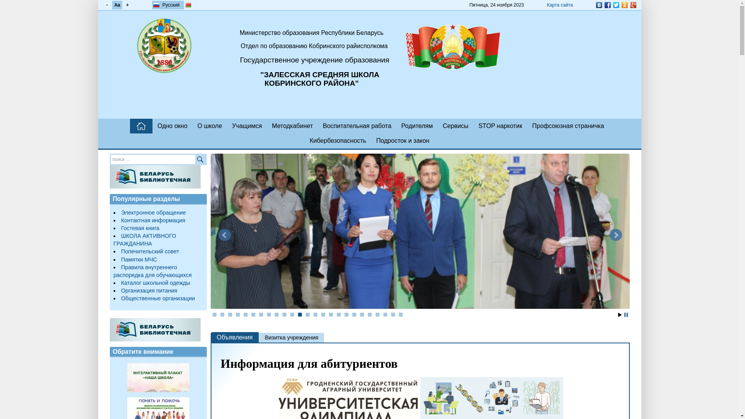 Image resolution: width=745 pixels, height=419 pixels. Describe the element at coordinates (307, 314) in the screenshot. I see `'13'` at that location.